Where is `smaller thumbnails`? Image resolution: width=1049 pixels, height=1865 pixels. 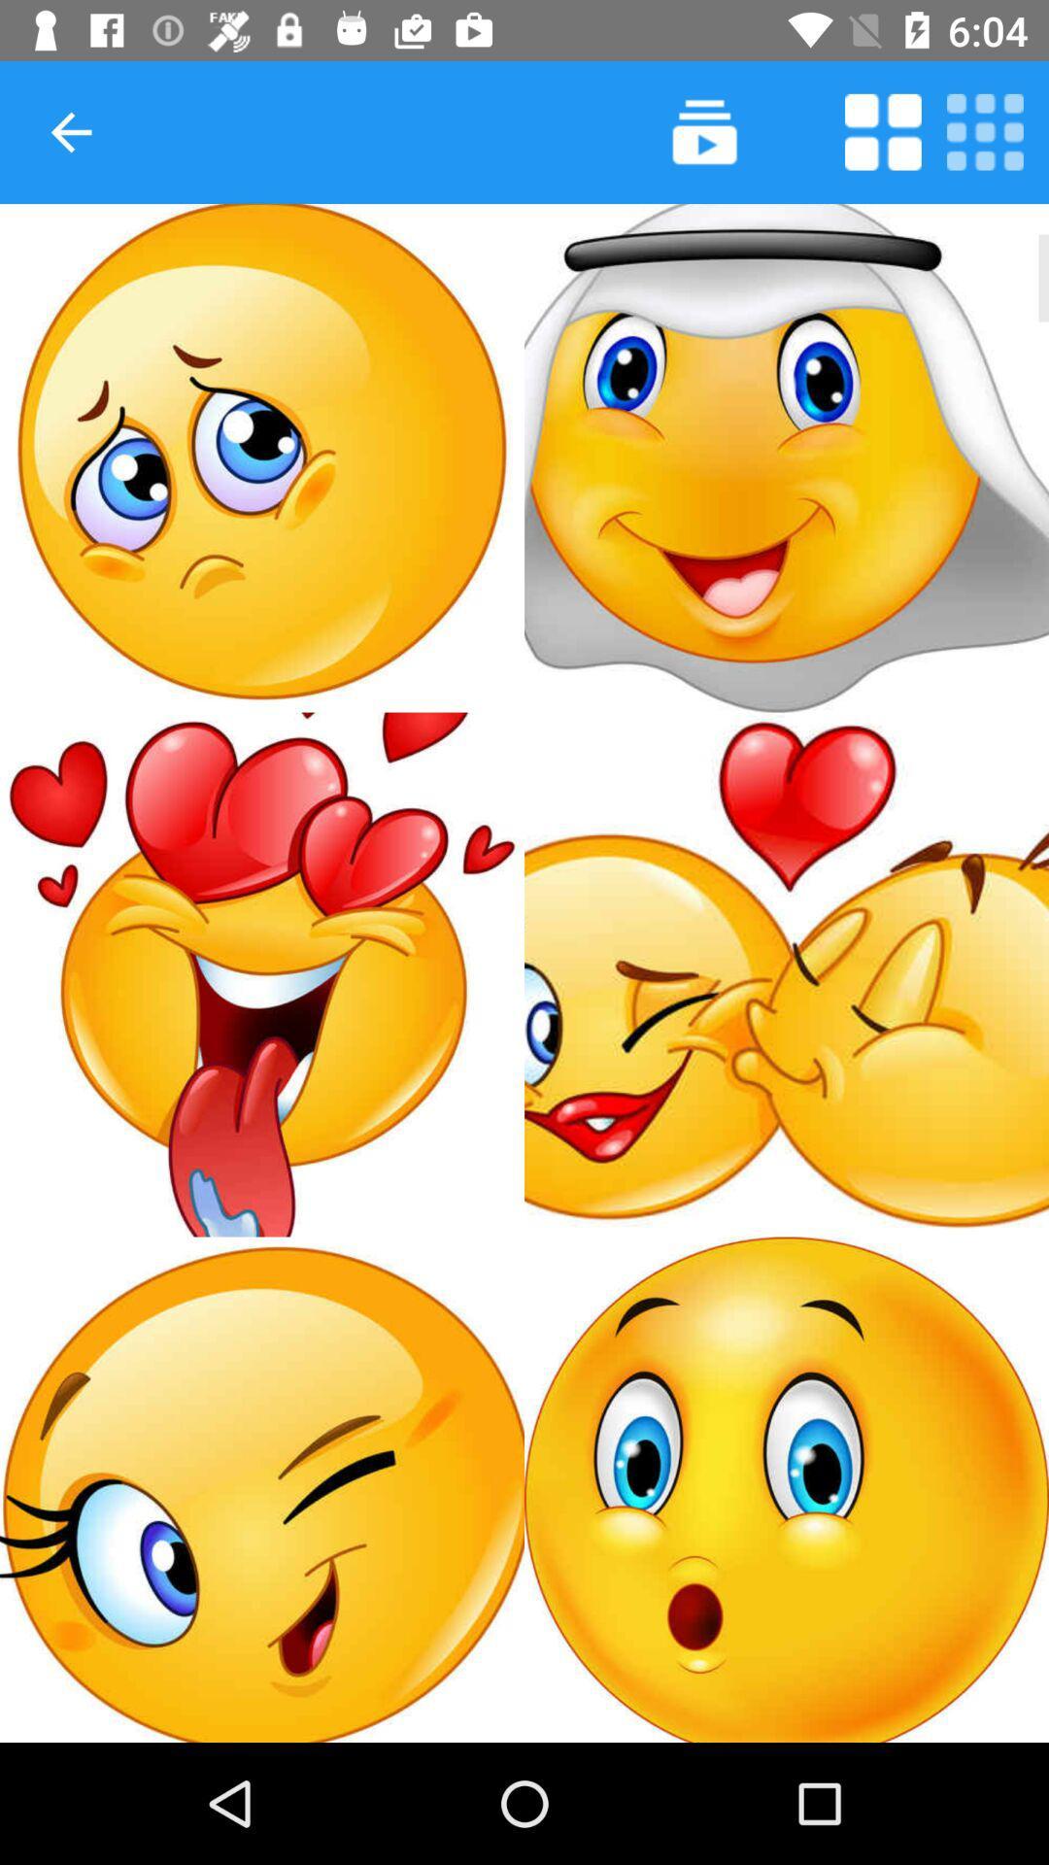 smaller thumbnails is located at coordinates (985, 131).